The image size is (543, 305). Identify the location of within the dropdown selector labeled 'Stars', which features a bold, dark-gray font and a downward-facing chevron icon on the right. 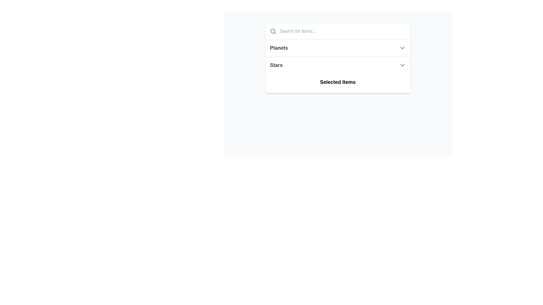
(338, 65).